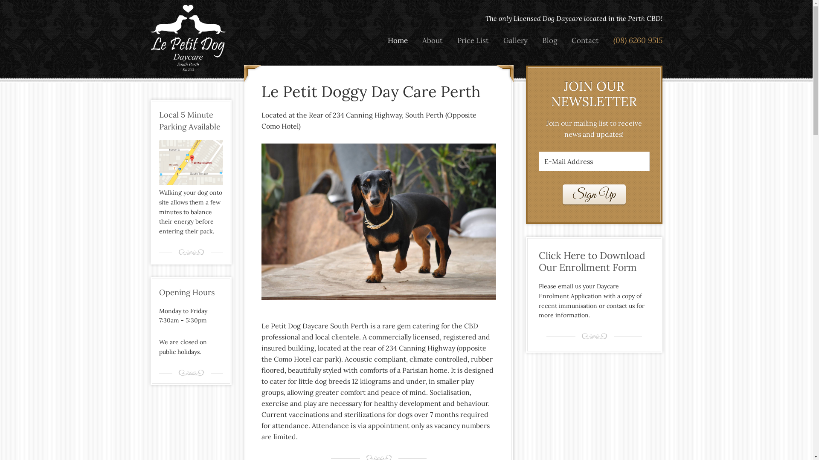 The width and height of the screenshot is (819, 460). Describe the element at coordinates (0, 0) in the screenshot. I see `'Skip to primary navigation'` at that location.